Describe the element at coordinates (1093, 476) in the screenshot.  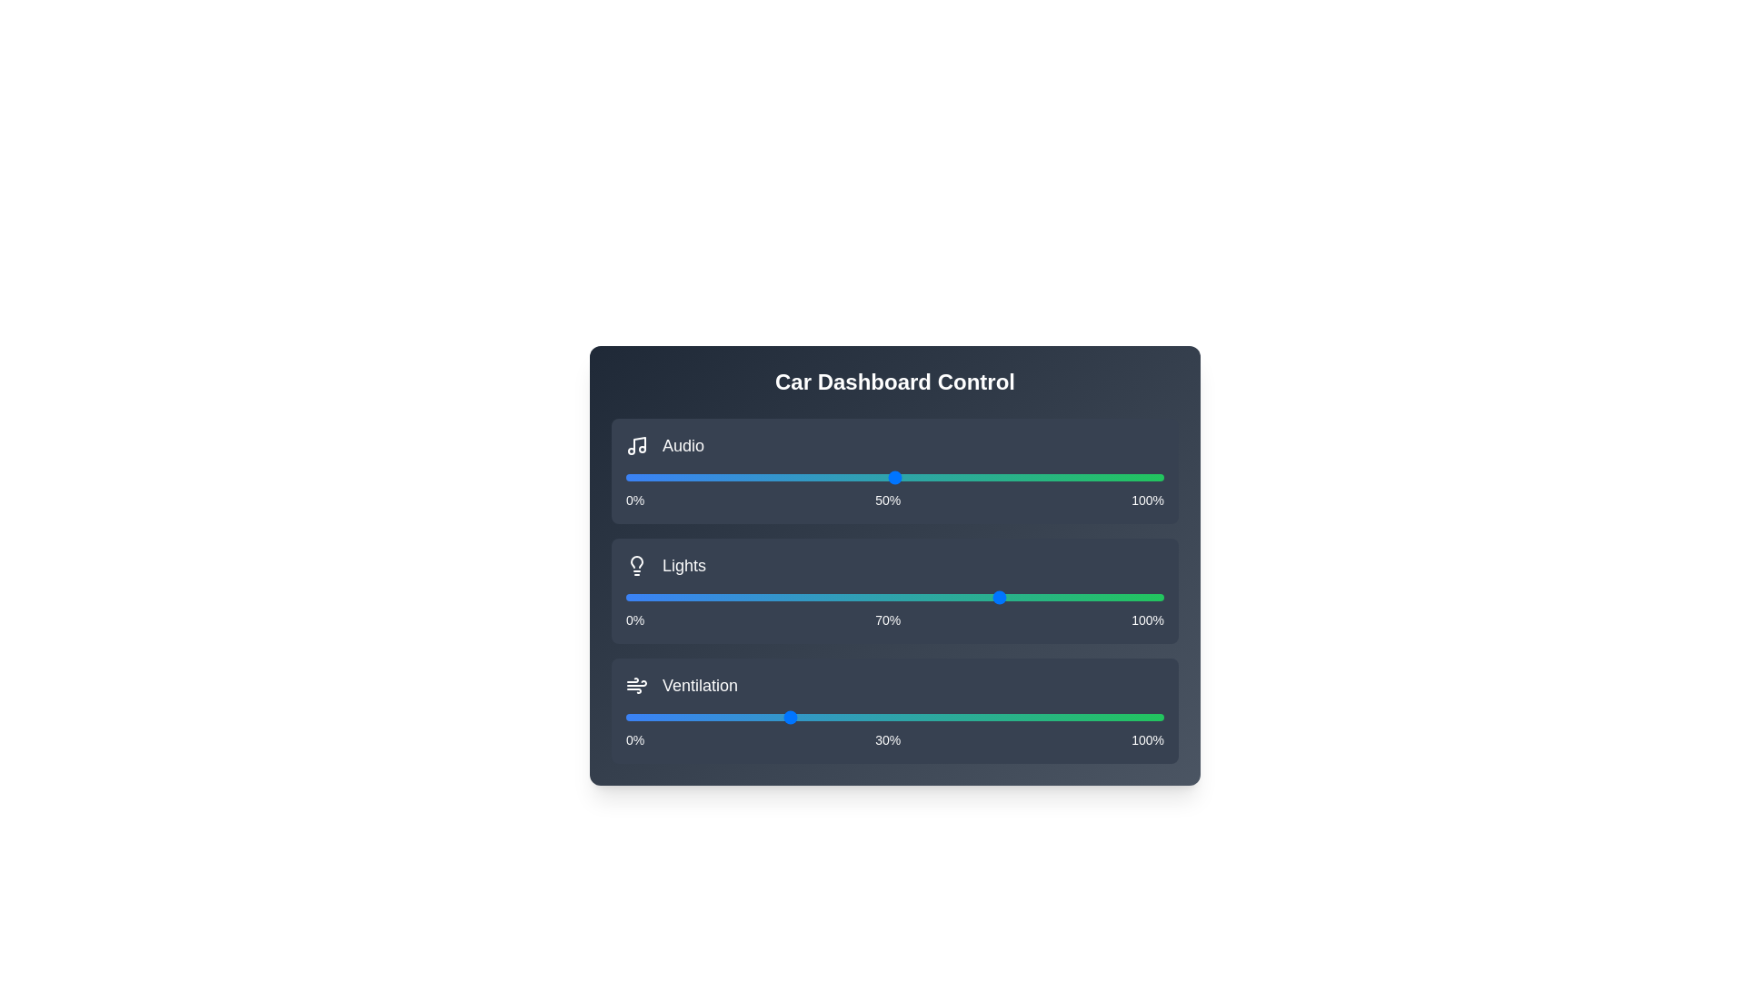
I see `the audio slider to set the volume to 87%` at that location.